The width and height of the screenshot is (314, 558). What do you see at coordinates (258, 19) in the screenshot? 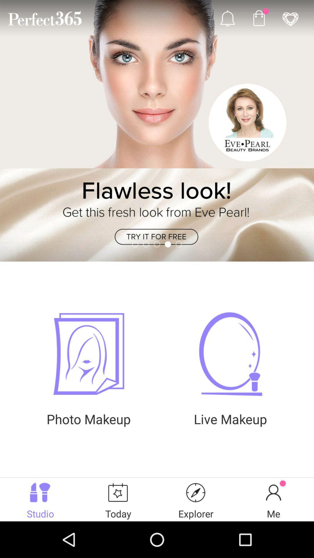
I see `the shop icon` at bounding box center [258, 19].